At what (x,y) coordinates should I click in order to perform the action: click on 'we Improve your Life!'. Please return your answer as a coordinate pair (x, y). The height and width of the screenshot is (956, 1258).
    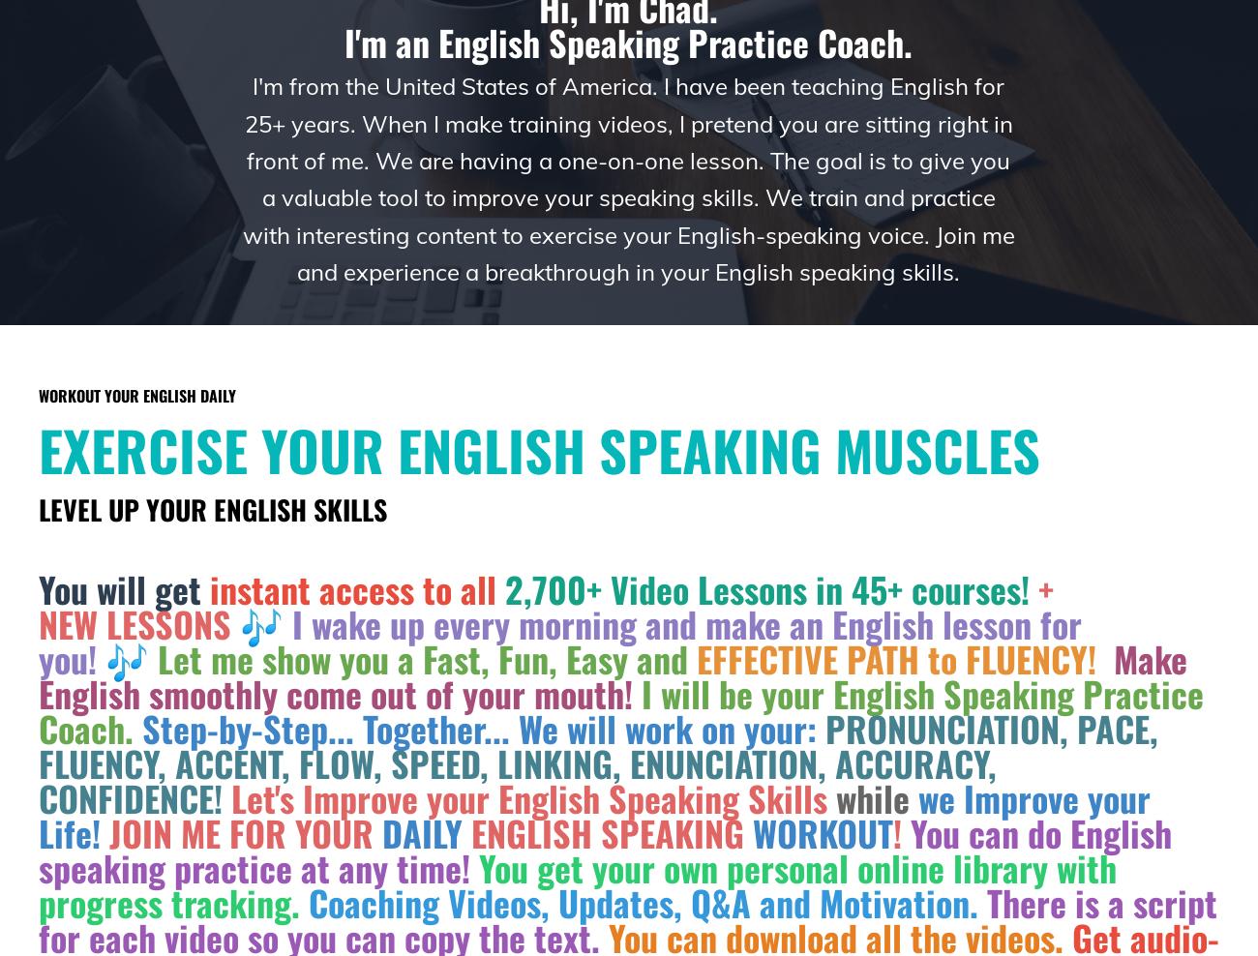
    Looking at the image, I should click on (38, 815).